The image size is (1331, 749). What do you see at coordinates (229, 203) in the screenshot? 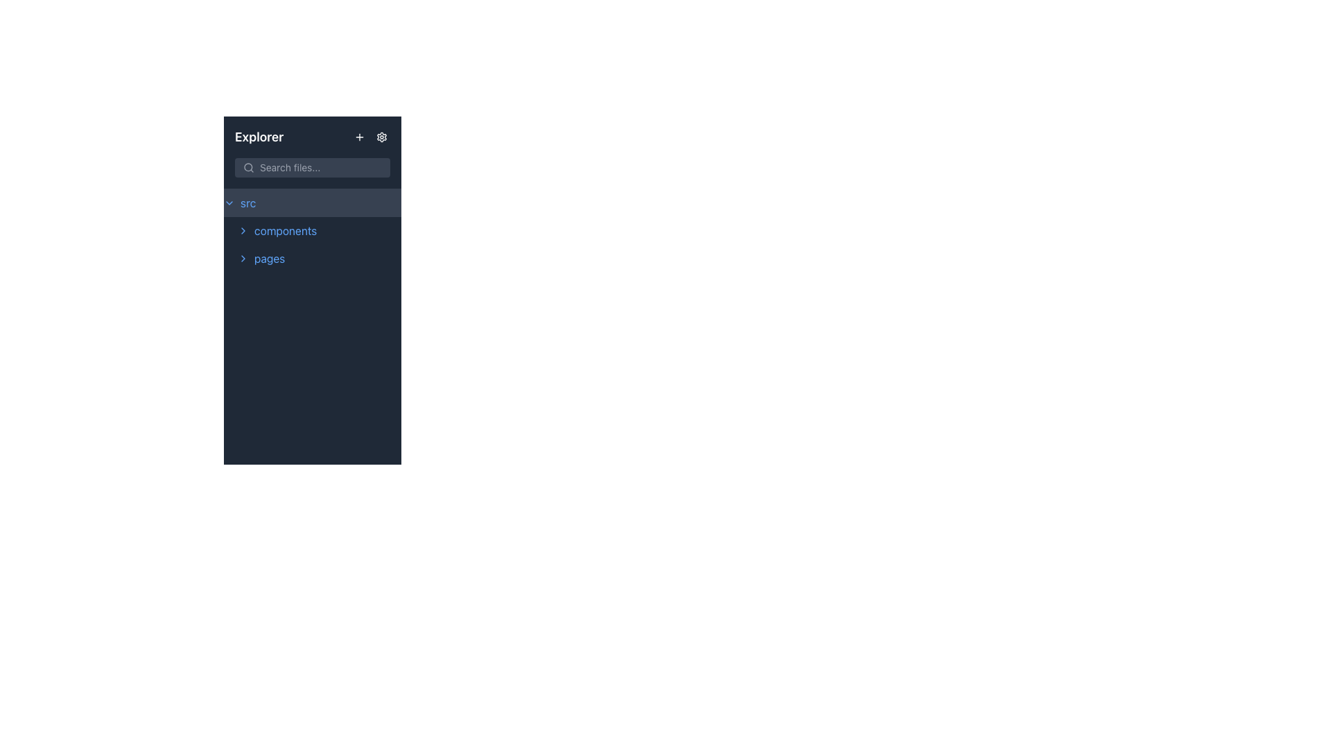
I see `the blue chevron-down icon located to the left of the text label 'src'` at bounding box center [229, 203].